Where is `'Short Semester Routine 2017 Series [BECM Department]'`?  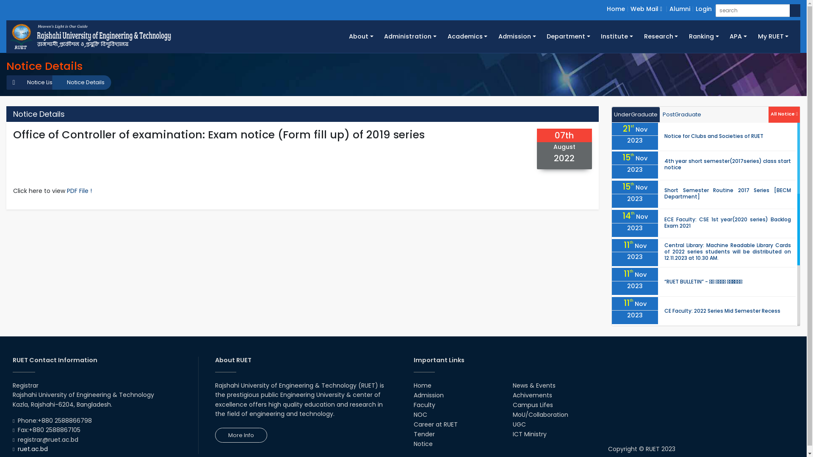 'Short Semester Routine 2017 Series [BECM Department]' is located at coordinates (727, 193).